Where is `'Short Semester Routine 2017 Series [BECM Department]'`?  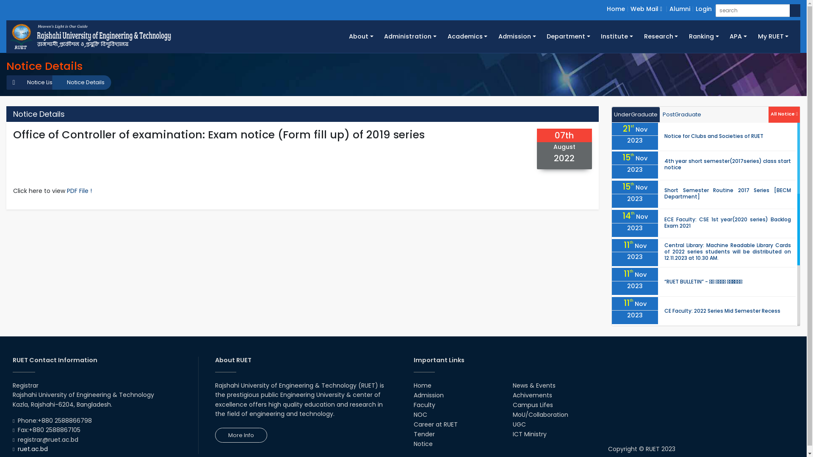 'Short Semester Routine 2017 Series [BECM Department]' is located at coordinates (727, 193).